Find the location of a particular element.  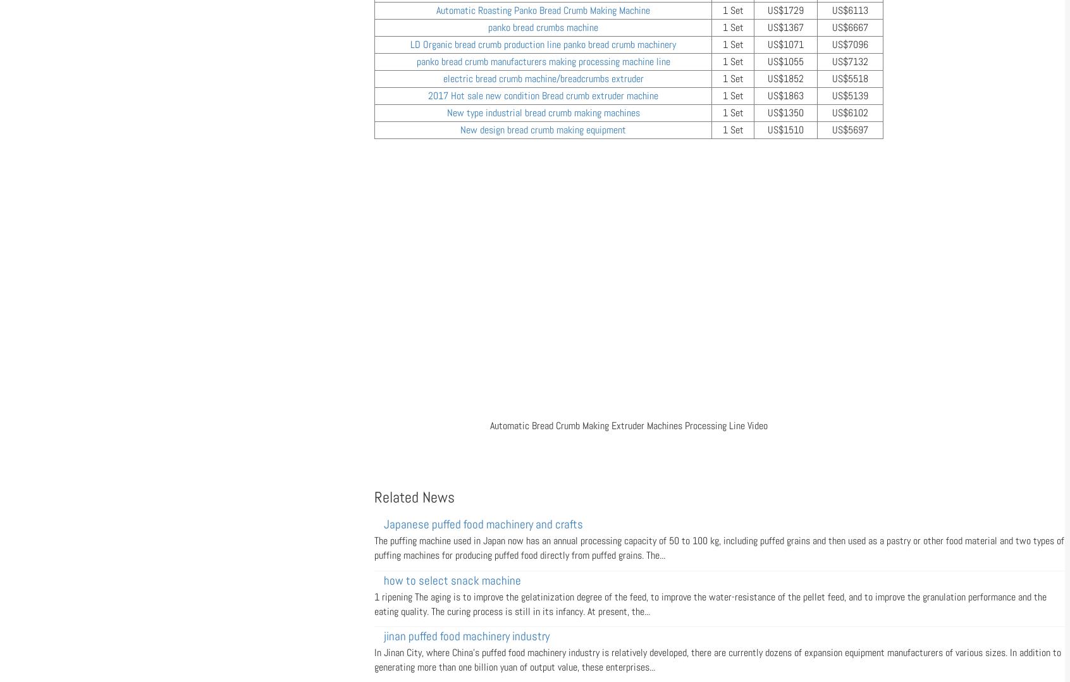

'The puffing machine used in Japan now has an annual processing capacity of 50 to 100 kg, including puffed grains and then used as a pastry or other food material and two types of puffing machines for producing puffed food directly from puffed grains. The...' is located at coordinates (374, 547).